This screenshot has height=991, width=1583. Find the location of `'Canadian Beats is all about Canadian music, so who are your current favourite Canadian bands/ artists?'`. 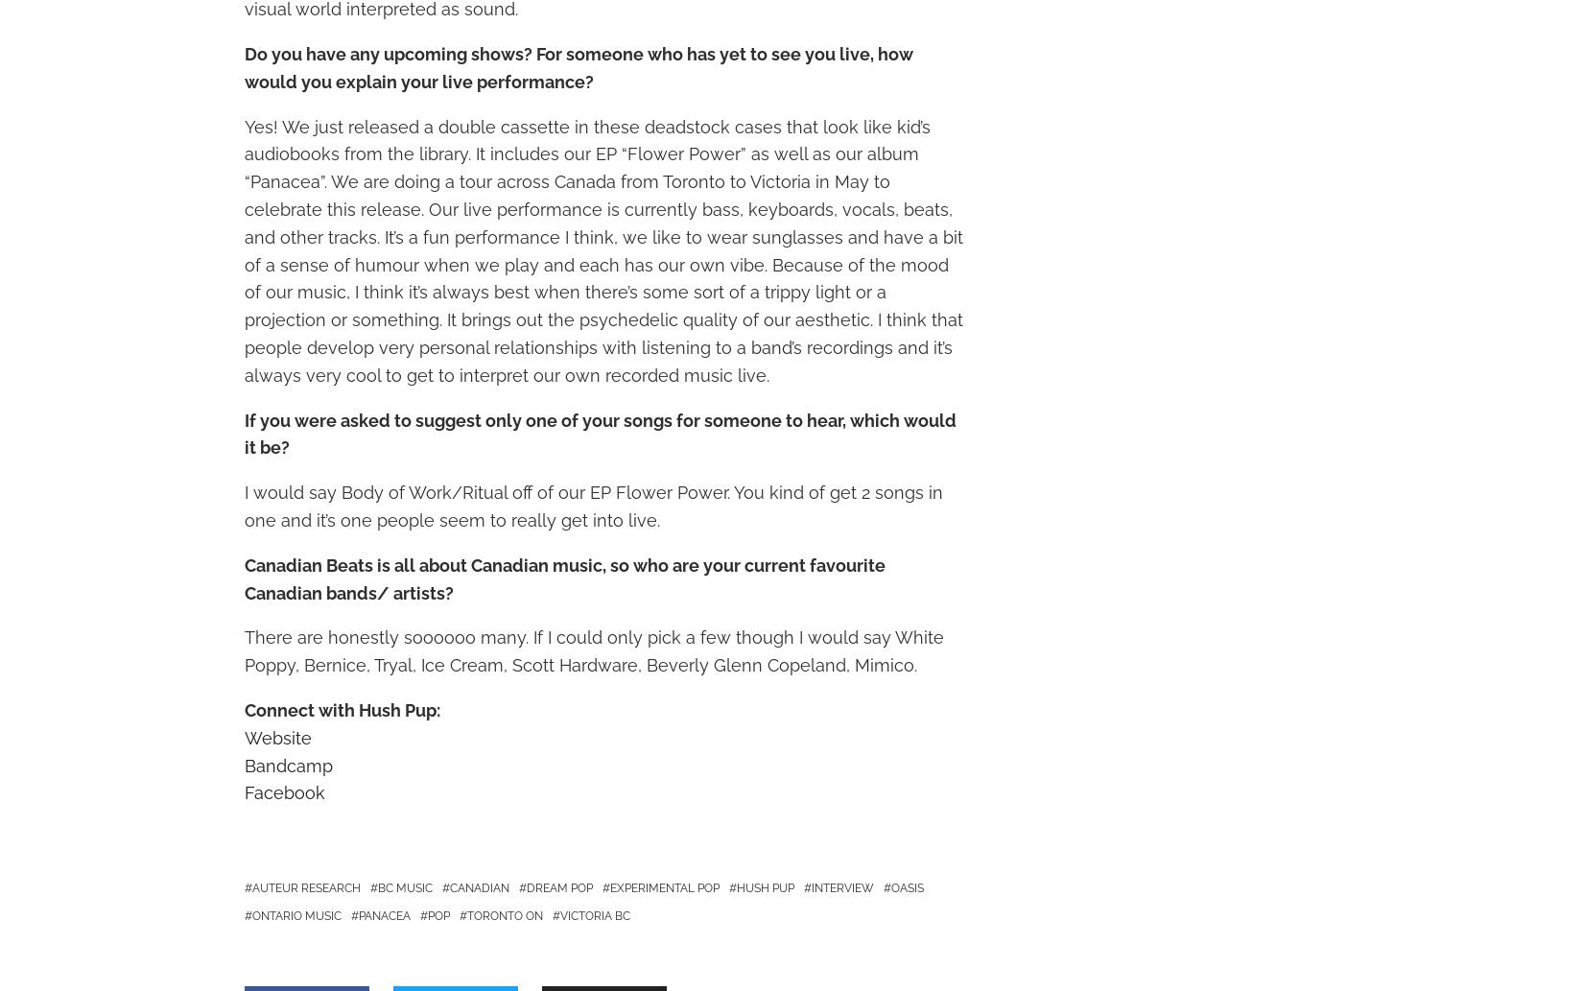

'Canadian Beats is all about Canadian music, so who are your current favourite Canadian bands/ artists?' is located at coordinates (564, 577).